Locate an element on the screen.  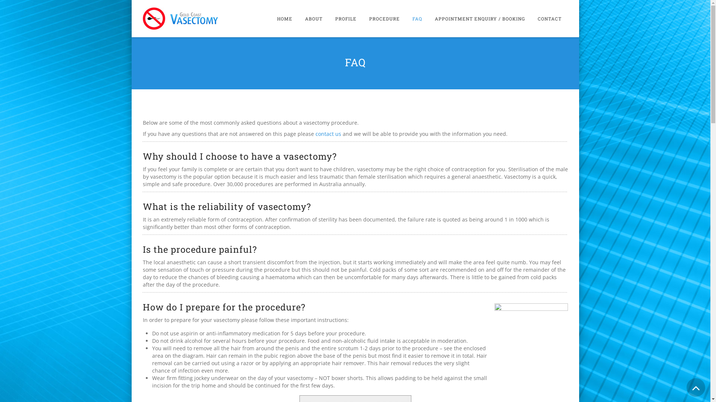
'APPOINTMENT ENQUIRY / BOOKING' is located at coordinates (480, 18).